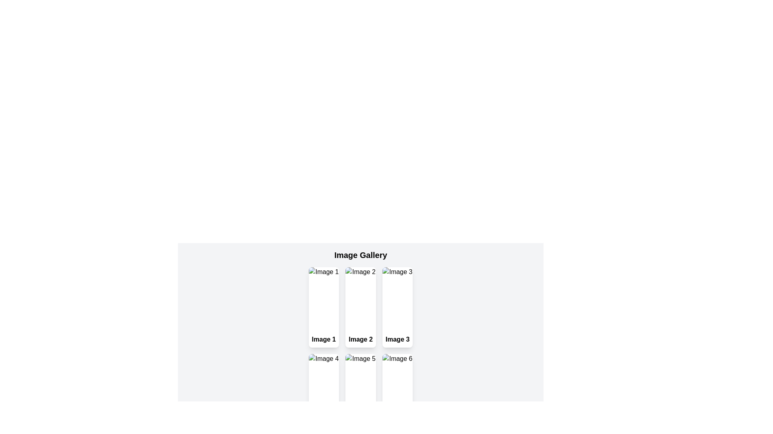 The height and width of the screenshot is (434, 773). What do you see at coordinates (324, 299) in the screenshot?
I see `the image placeholder displaying 'Image 1' for more details` at bounding box center [324, 299].